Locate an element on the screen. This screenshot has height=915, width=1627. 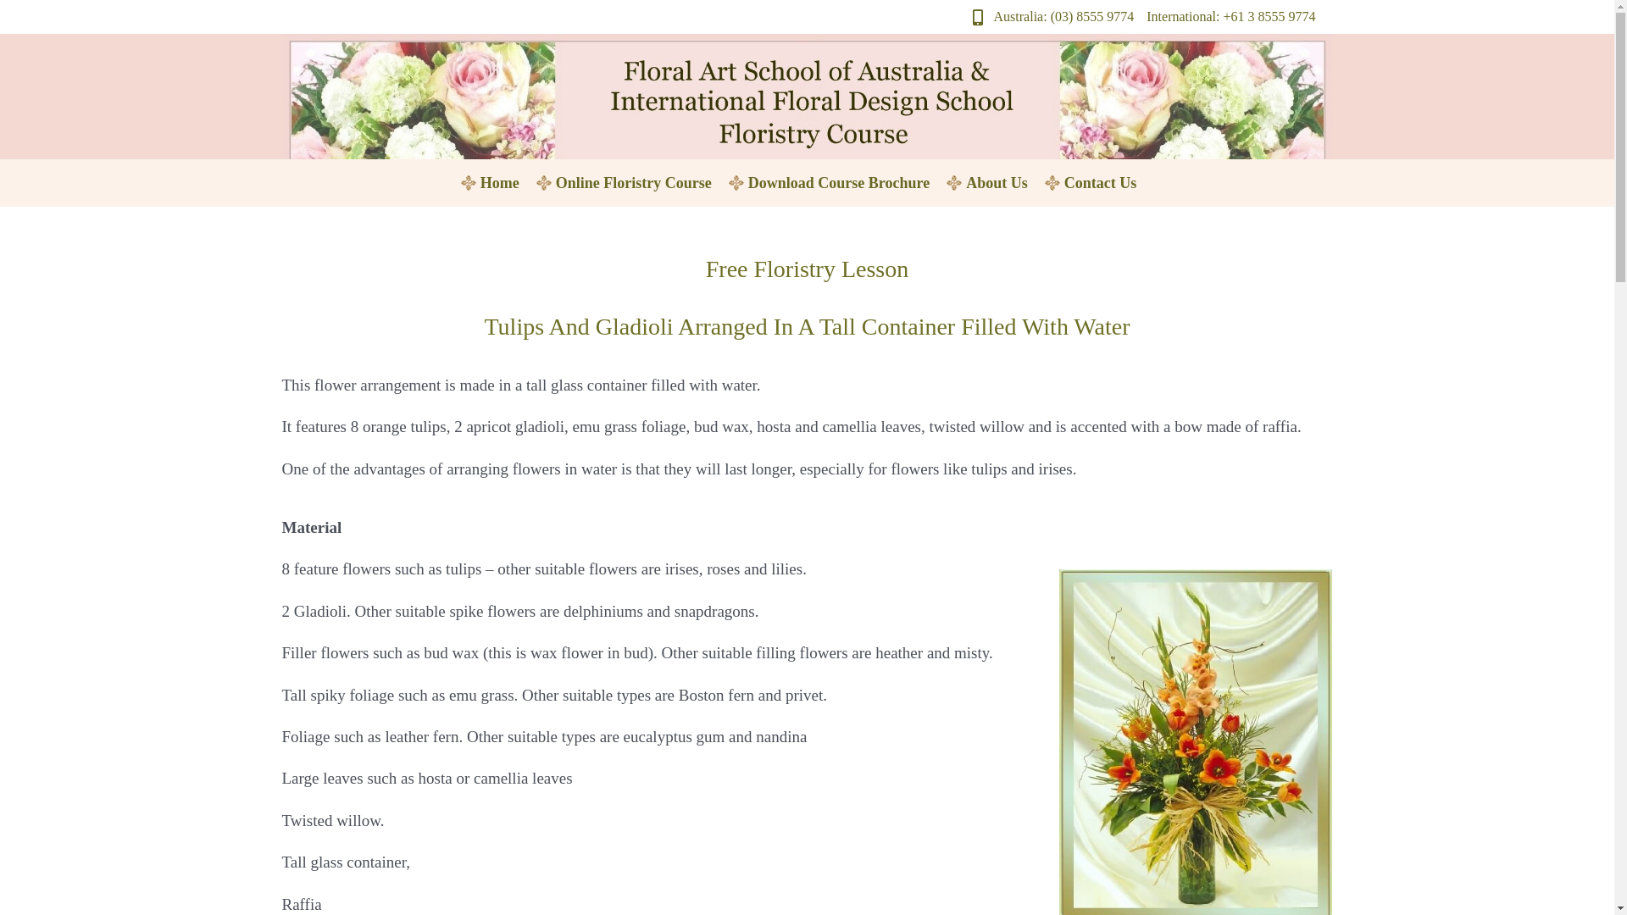
'International: +61 3 8555 9774' is located at coordinates (1147, 16).